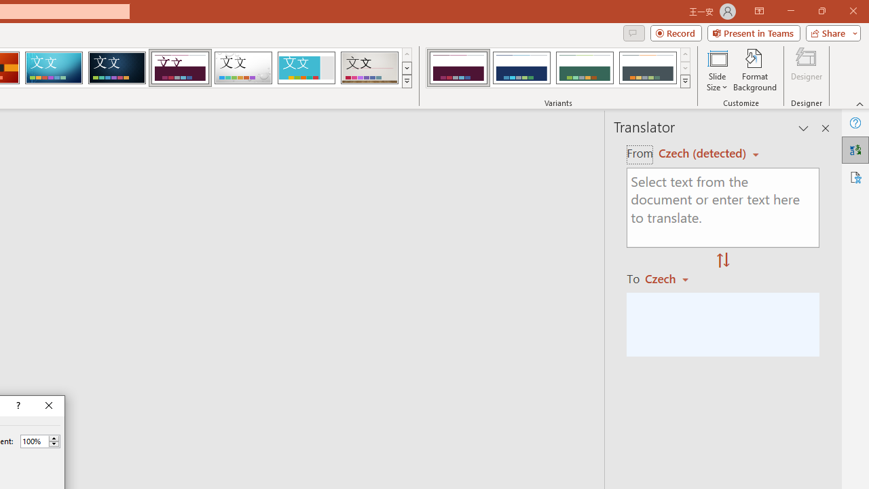  What do you see at coordinates (34, 441) in the screenshot?
I see `'Percent'` at bounding box center [34, 441].